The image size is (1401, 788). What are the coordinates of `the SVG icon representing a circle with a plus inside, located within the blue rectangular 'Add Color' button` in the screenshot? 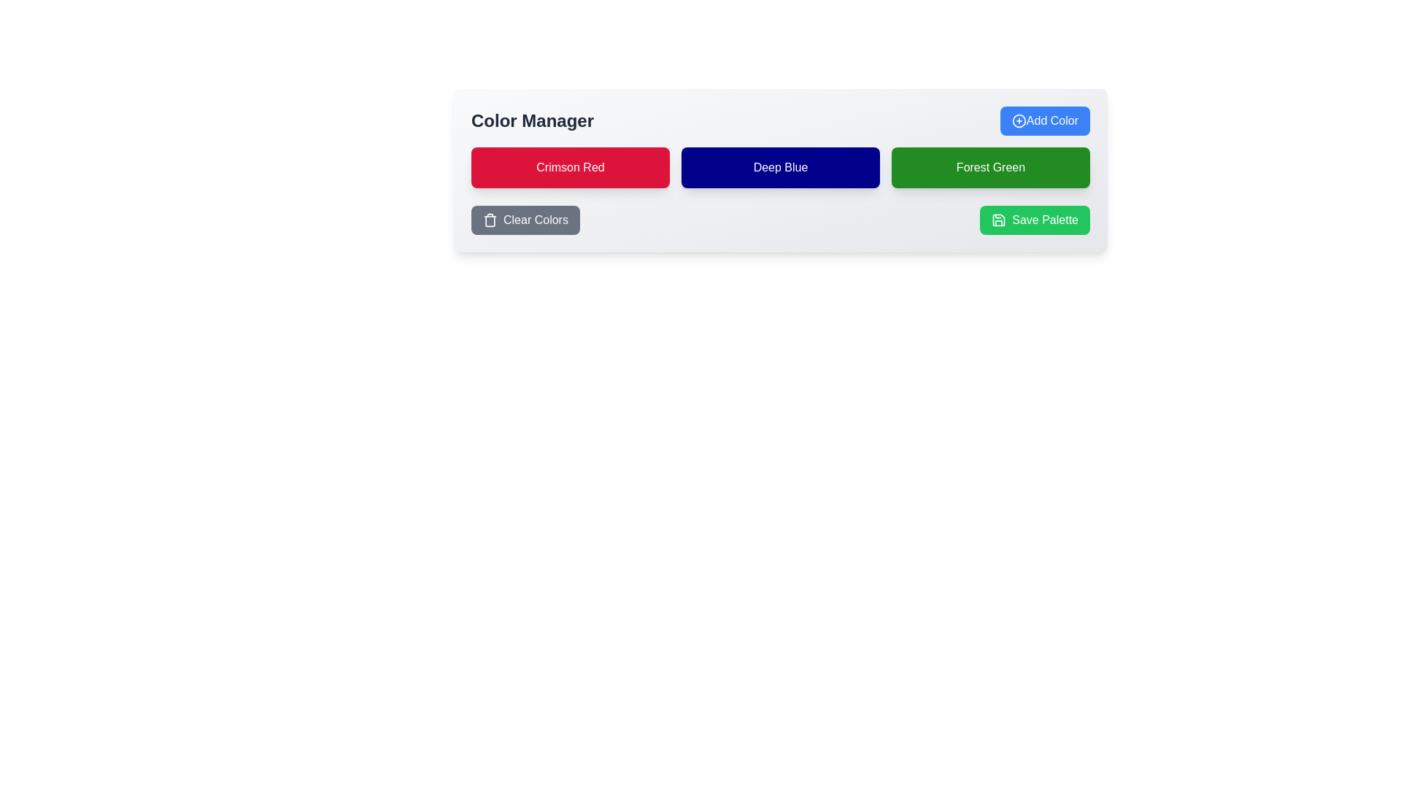 It's located at (1018, 120).